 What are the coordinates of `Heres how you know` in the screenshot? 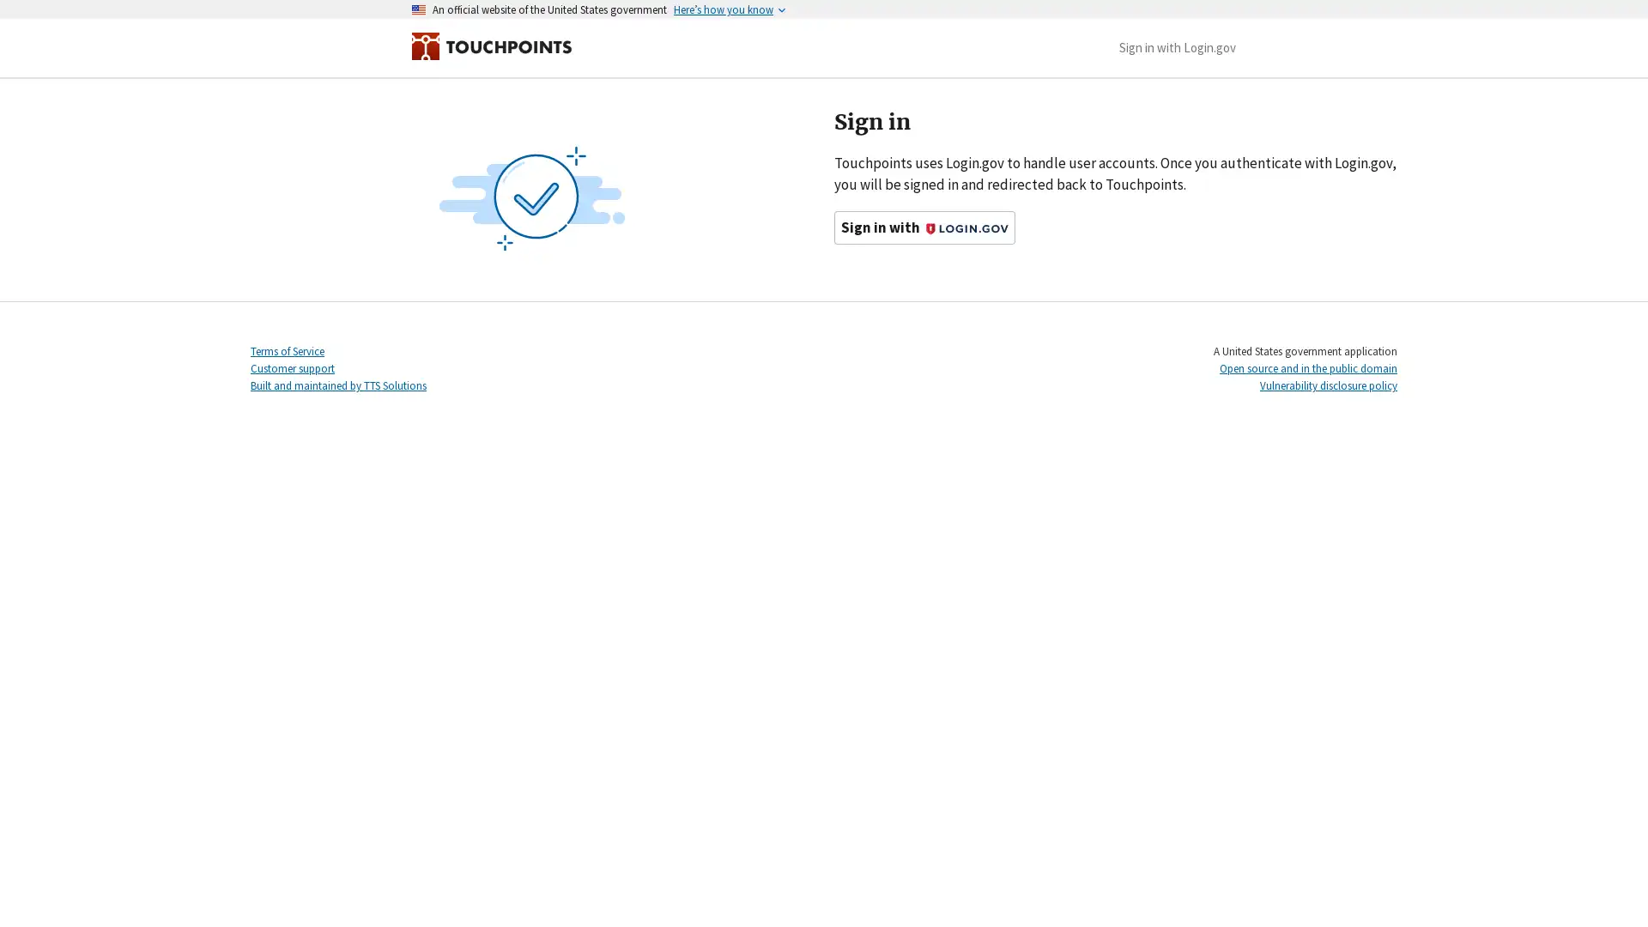 It's located at (724, 9).